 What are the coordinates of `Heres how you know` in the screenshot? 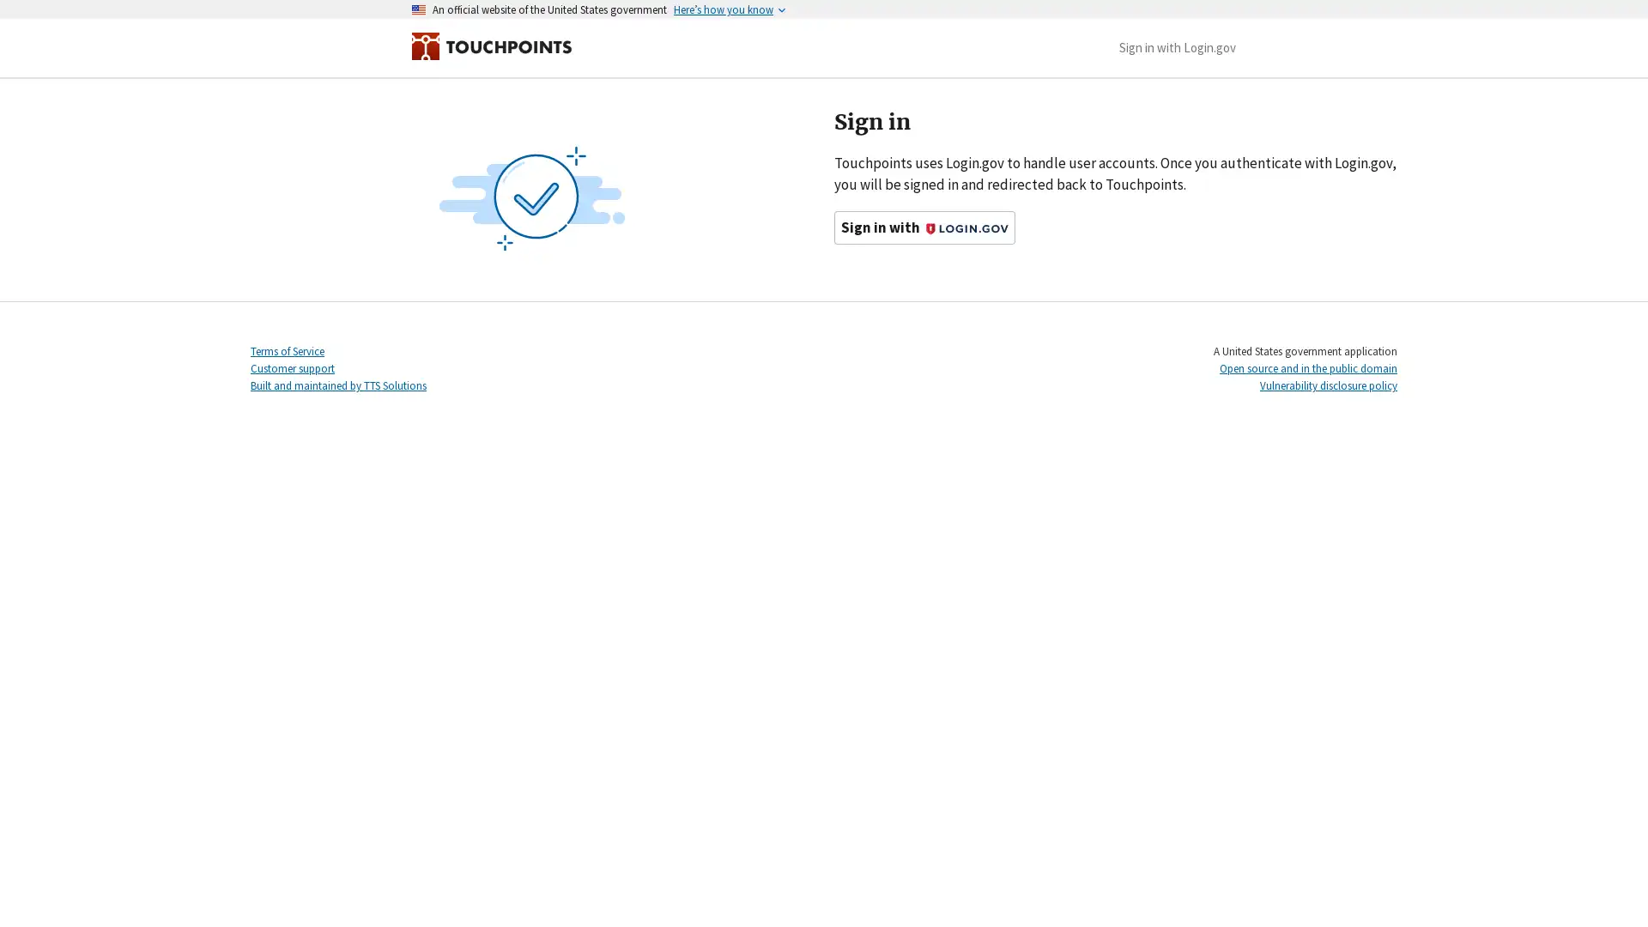 It's located at (724, 9).